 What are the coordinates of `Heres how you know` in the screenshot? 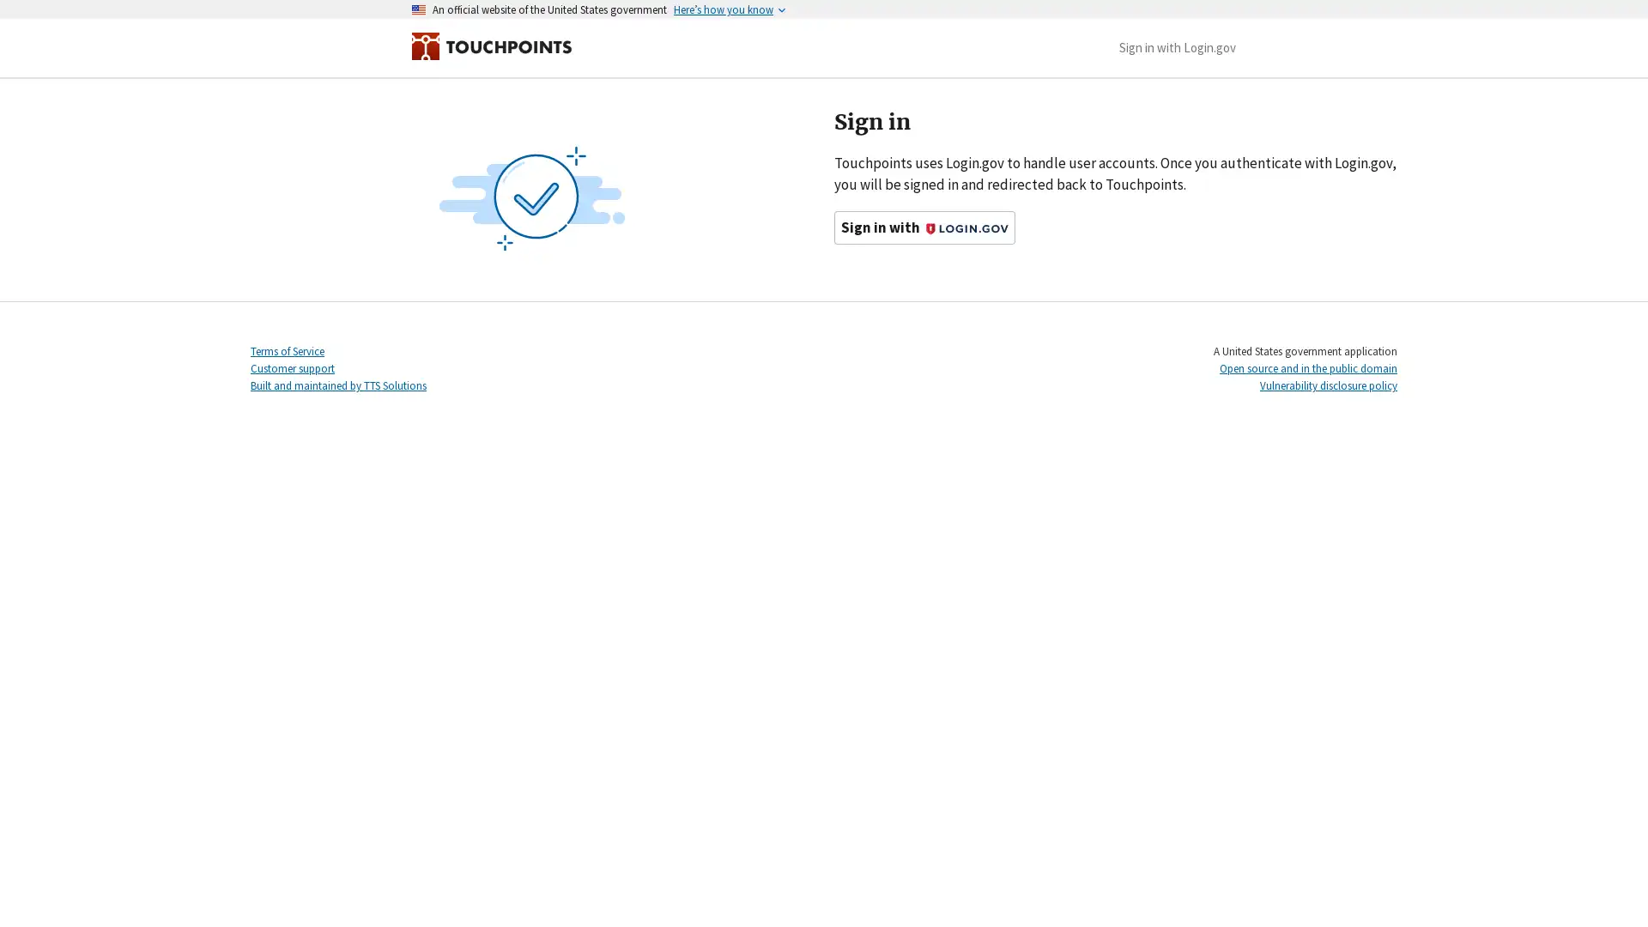 It's located at (724, 9).